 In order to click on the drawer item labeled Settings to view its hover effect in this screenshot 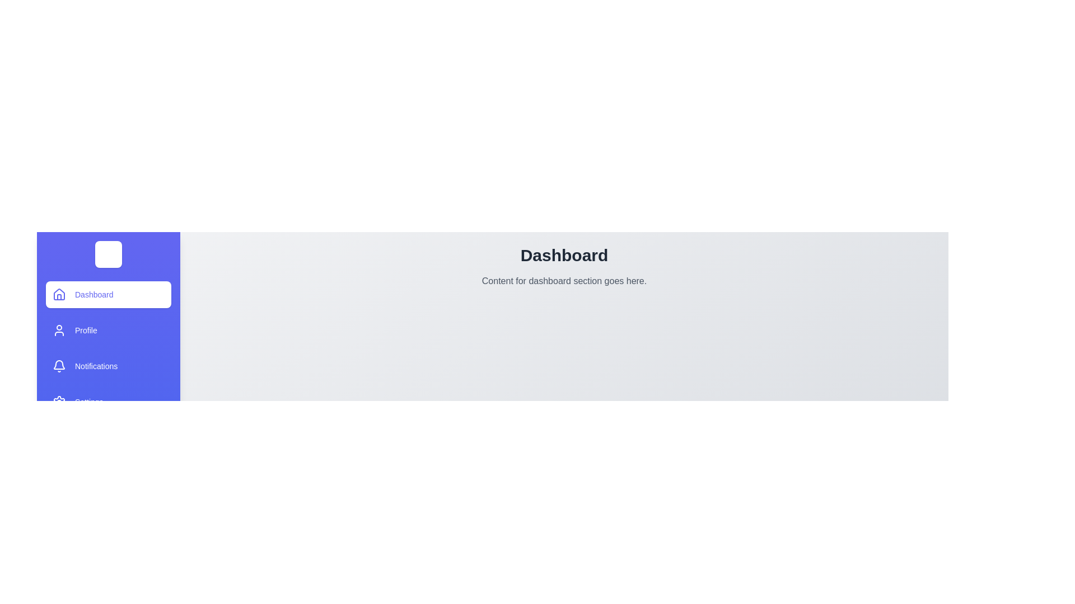, I will do `click(108, 401)`.